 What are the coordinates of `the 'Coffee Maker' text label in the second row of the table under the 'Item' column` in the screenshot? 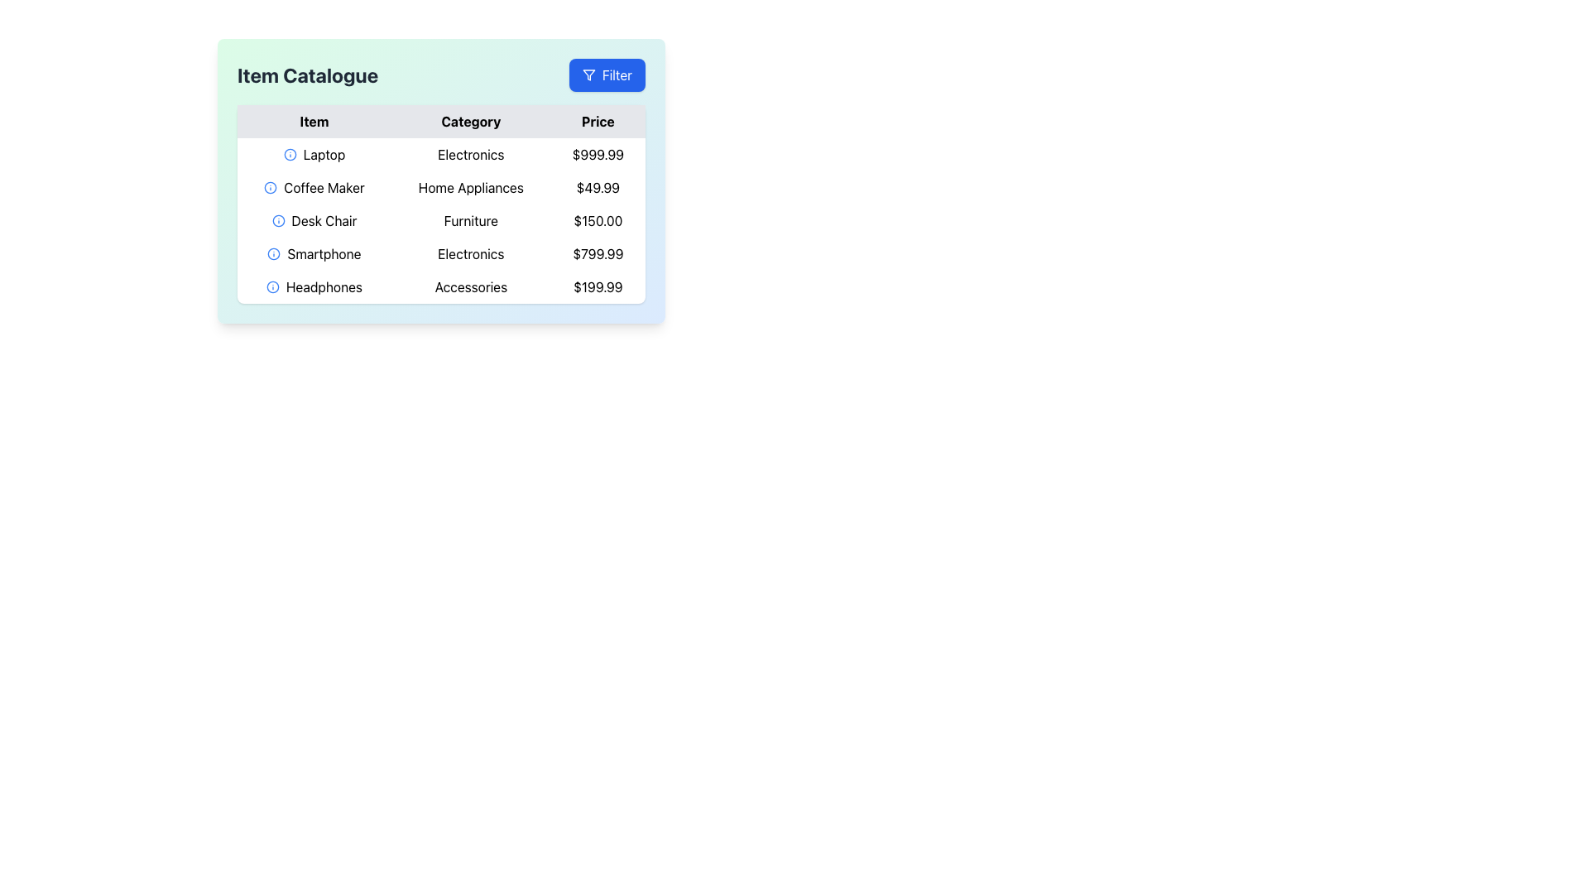 It's located at (314, 187).